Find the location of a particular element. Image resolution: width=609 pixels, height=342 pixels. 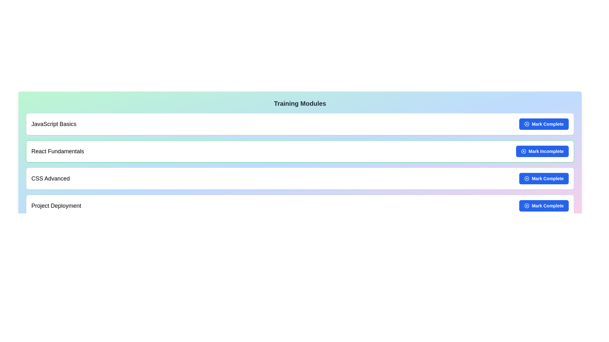

the circular shape of the 'Mark Complete' button in the 'CSS Advanced' module, located in the third row of the training modules list is located at coordinates (527, 178).